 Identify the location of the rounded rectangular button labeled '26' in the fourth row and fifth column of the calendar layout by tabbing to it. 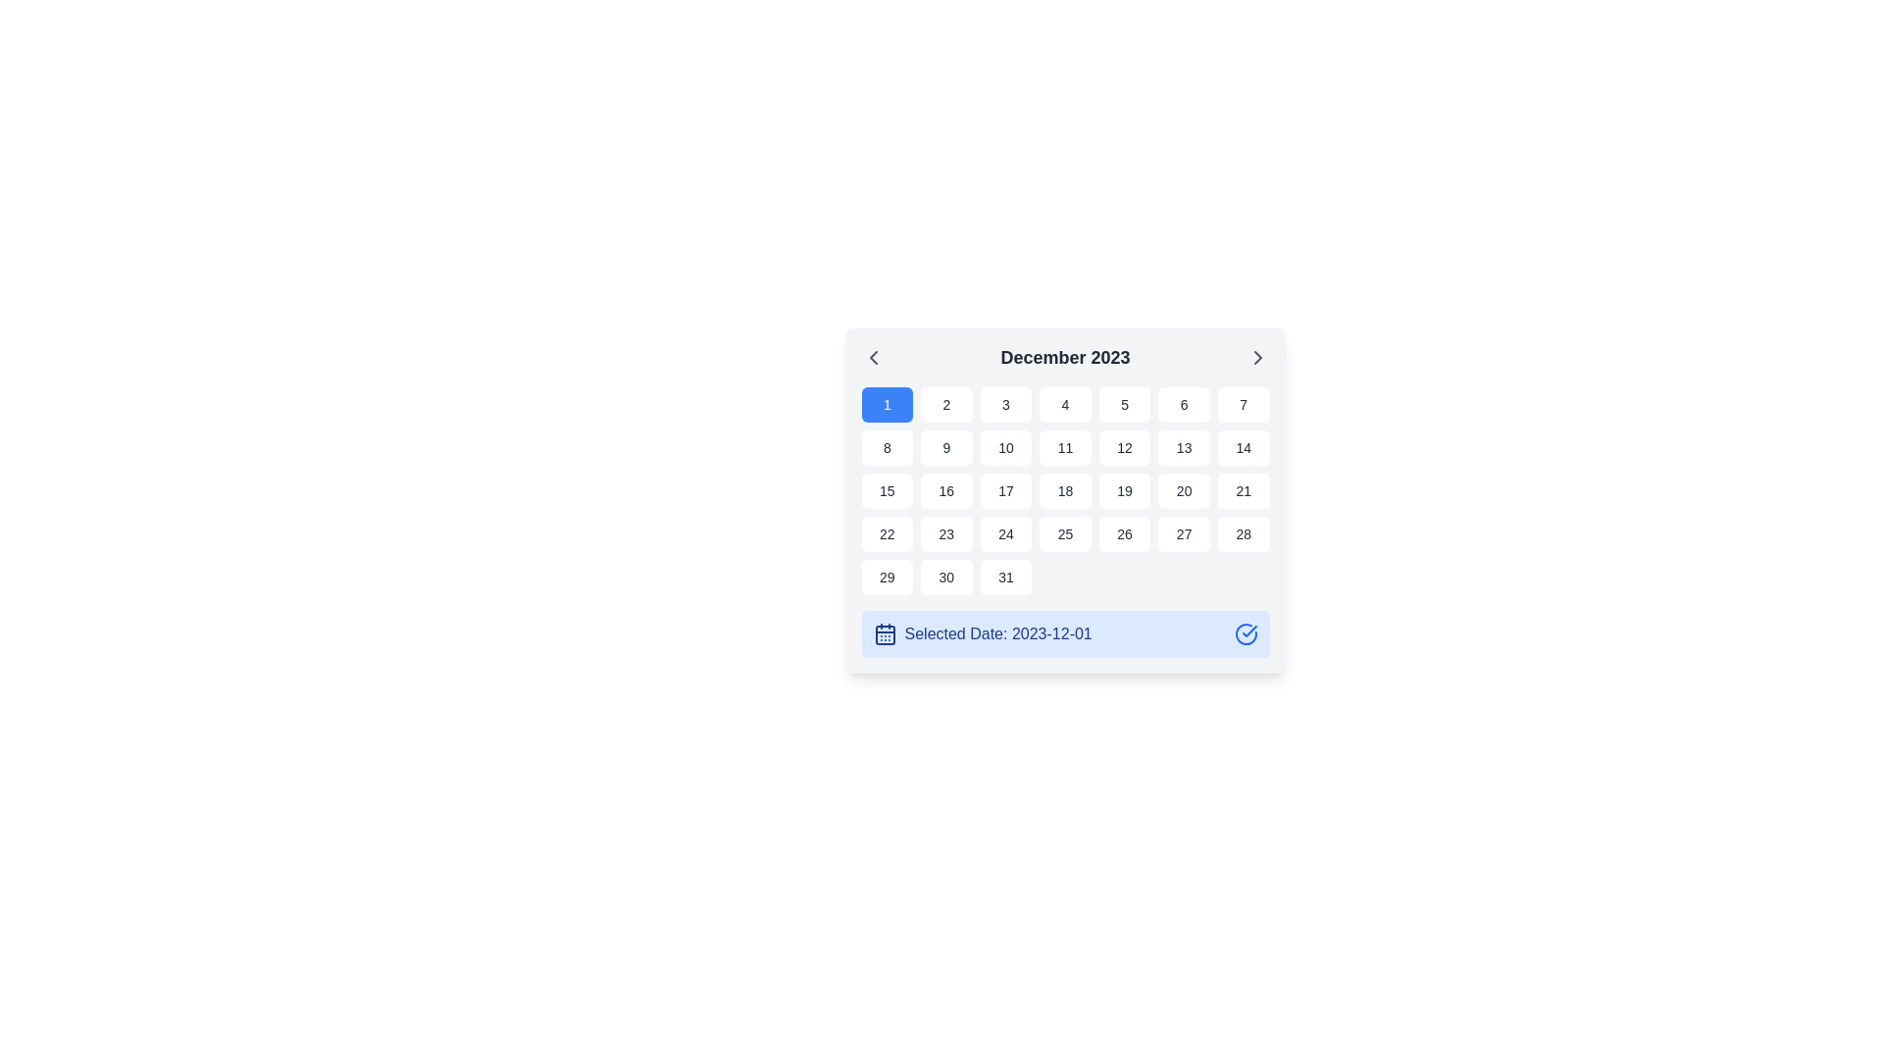
(1125, 533).